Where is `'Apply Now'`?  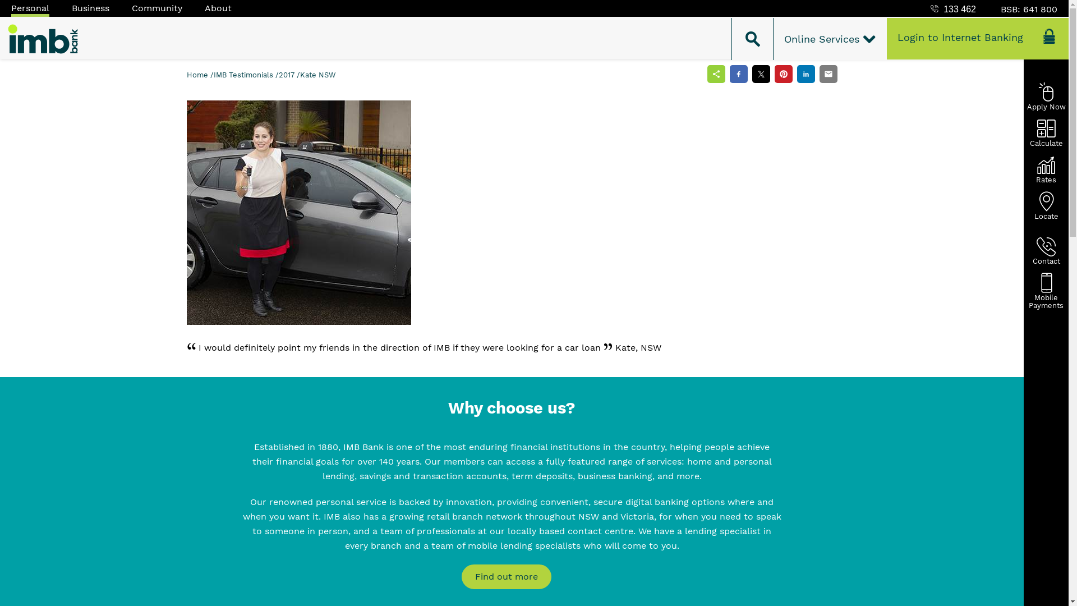
'Apply Now' is located at coordinates (1046, 95).